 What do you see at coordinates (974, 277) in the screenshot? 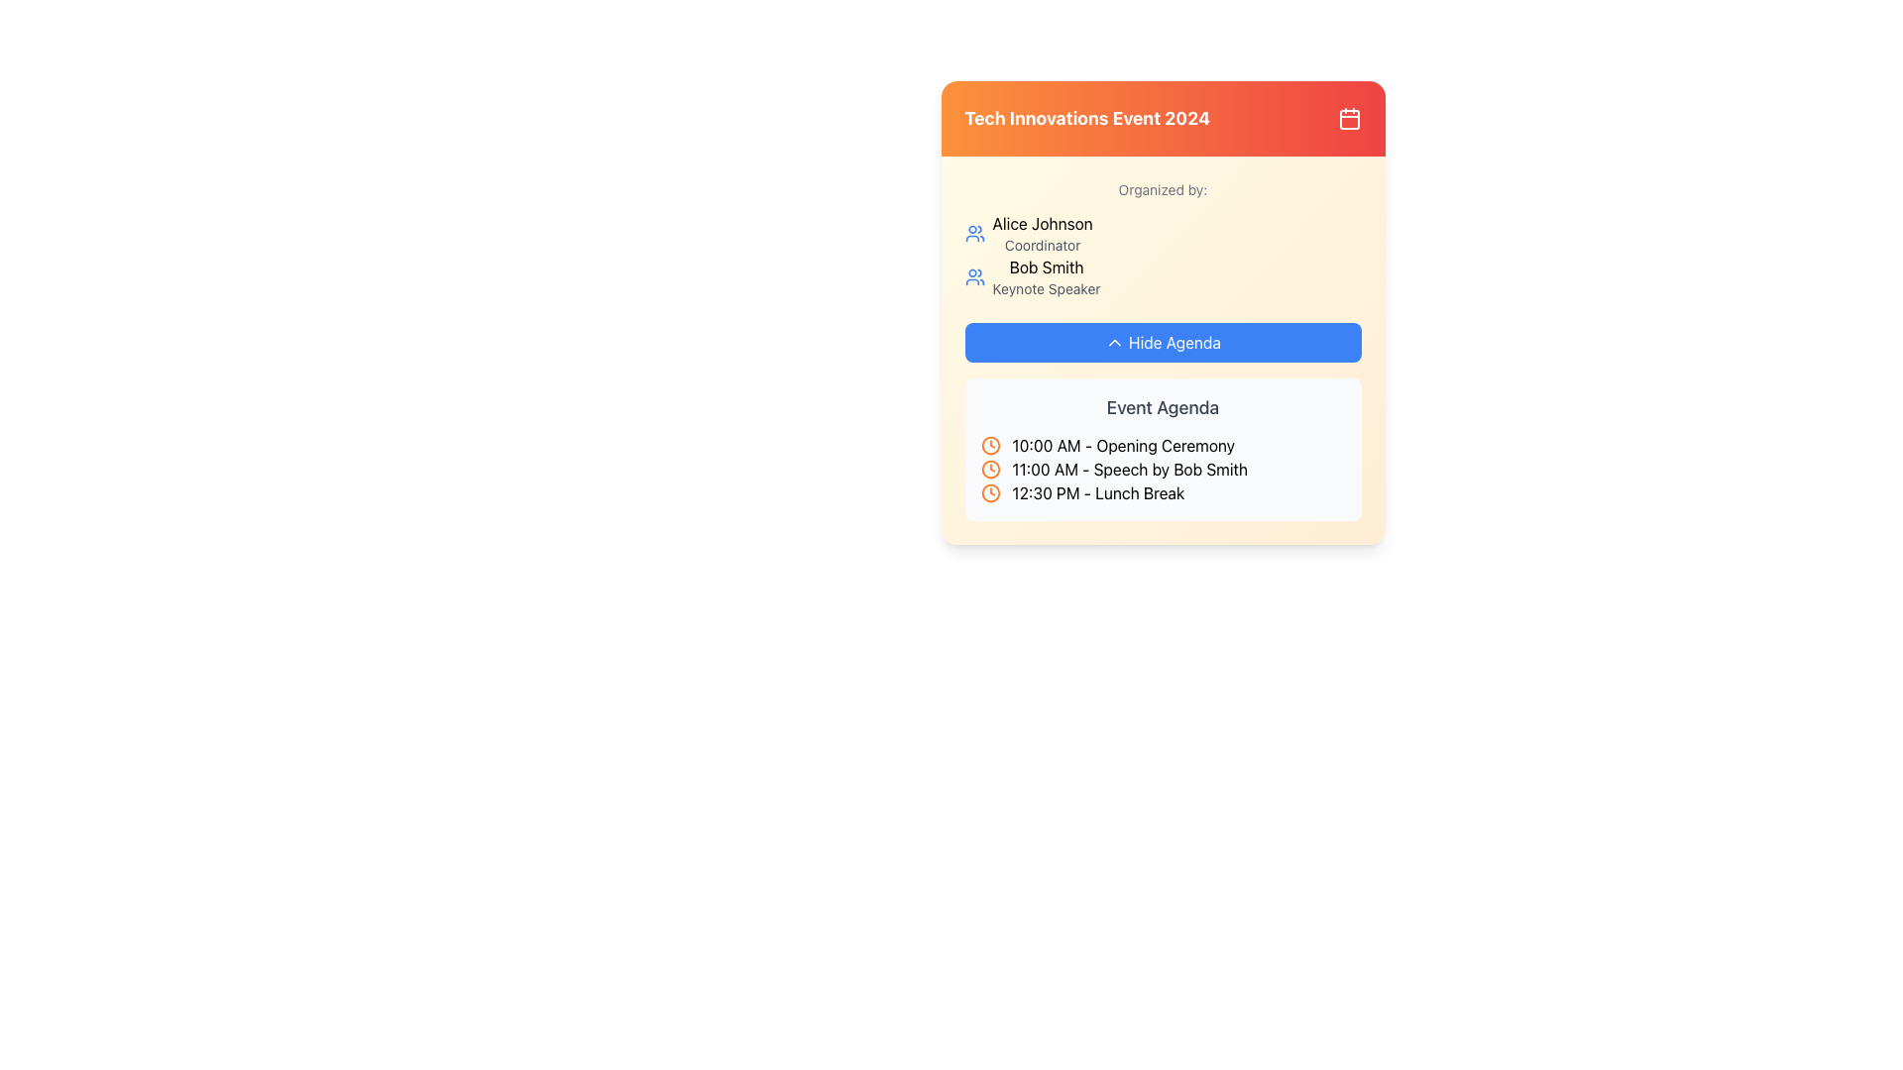
I see `the SVG Icon representing Bob Smith, which is located to the left of the text 'Bob Smith' in the Tech Innovations Event 2024 card` at bounding box center [974, 277].